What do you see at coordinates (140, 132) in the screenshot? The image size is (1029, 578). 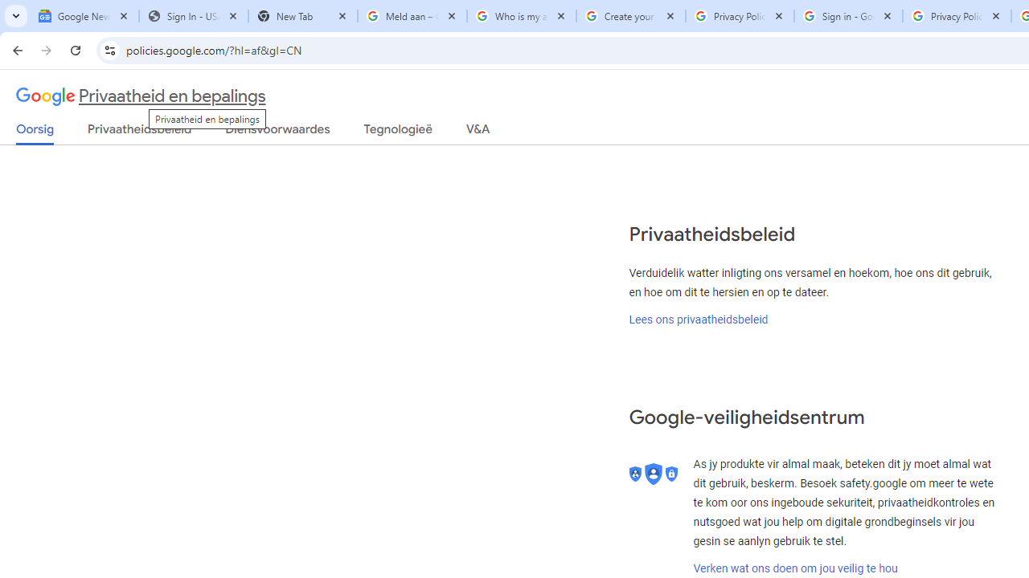 I see `'Privaatheidsbeleid'` at bounding box center [140, 132].